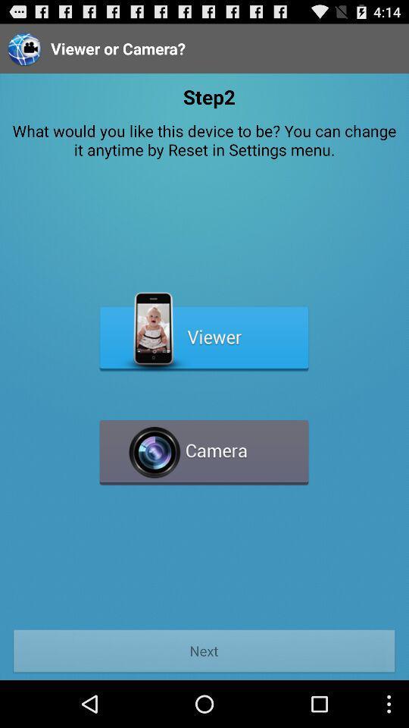 This screenshot has height=728, width=409. Describe the element at coordinates (204, 446) in the screenshot. I see `camera` at that location.